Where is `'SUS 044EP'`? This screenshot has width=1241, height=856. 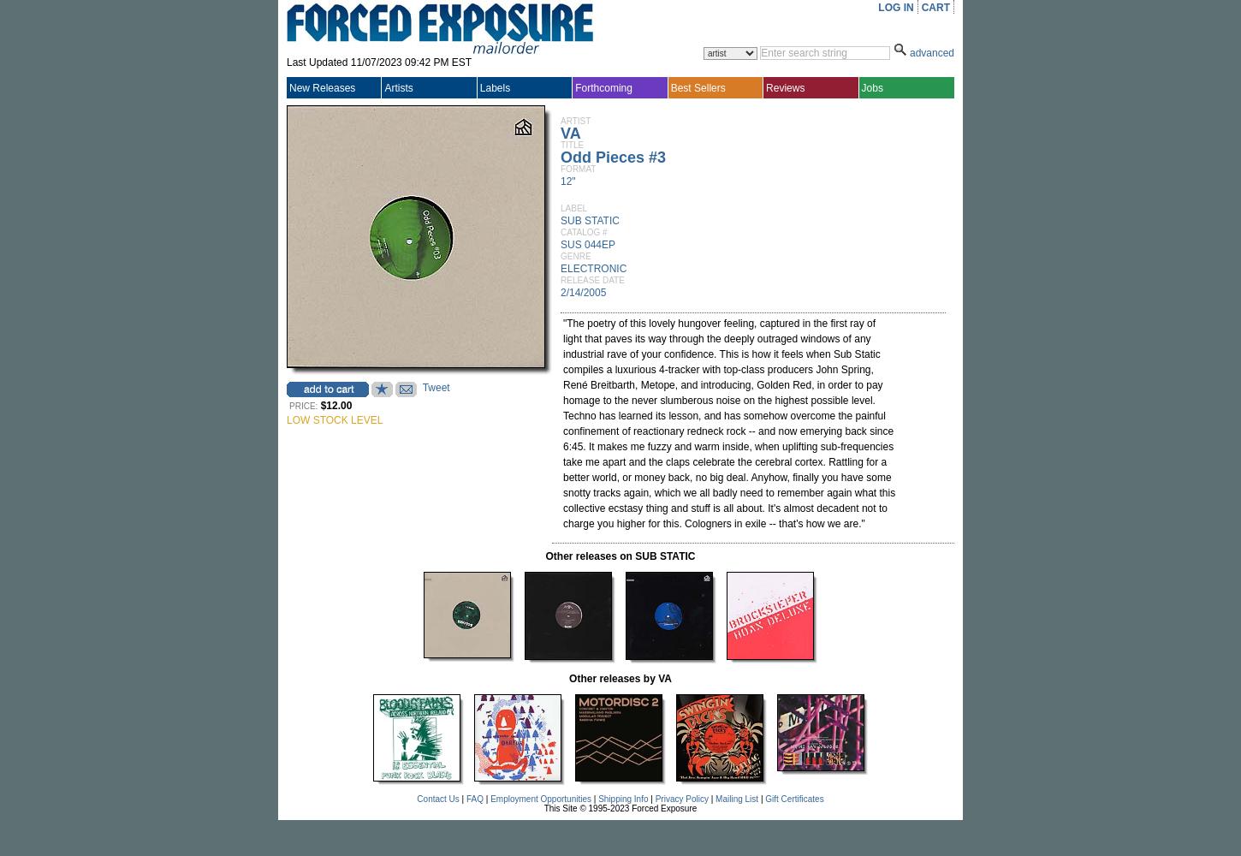
'SUS 044EP' is located at coordinates (587, 245).